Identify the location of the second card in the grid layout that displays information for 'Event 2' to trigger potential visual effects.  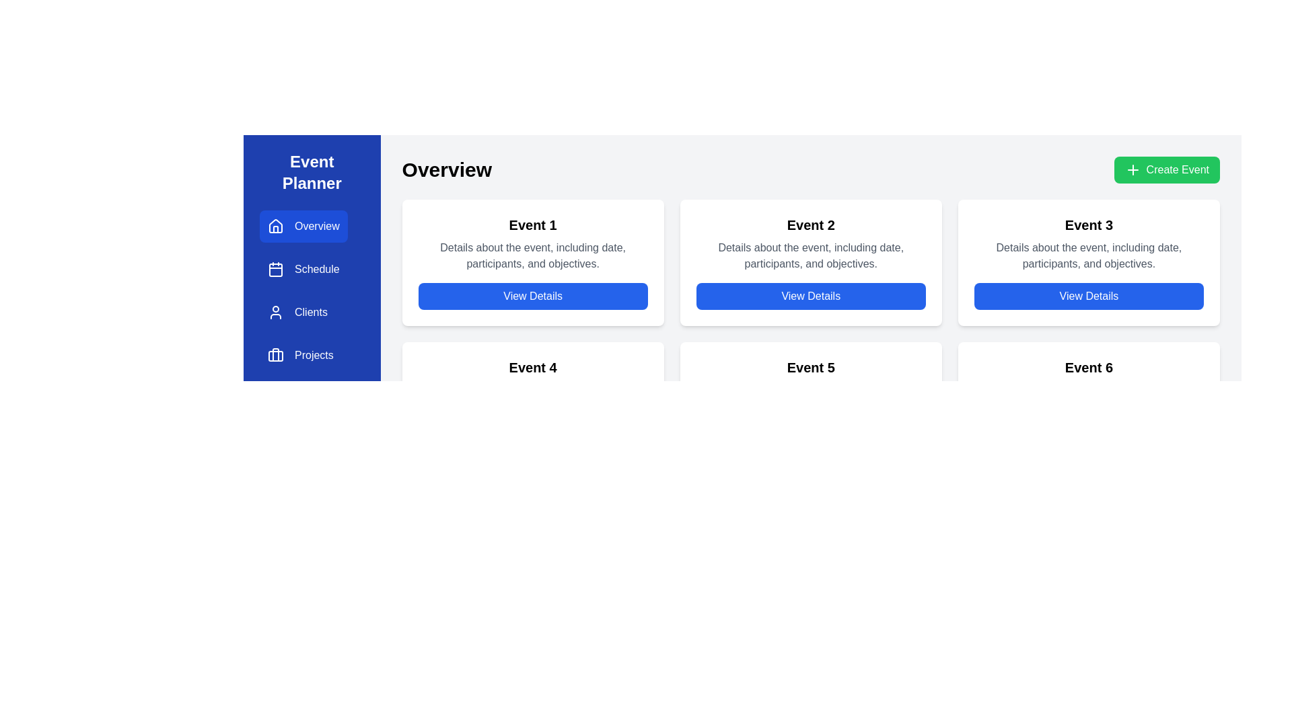
(810, 262).